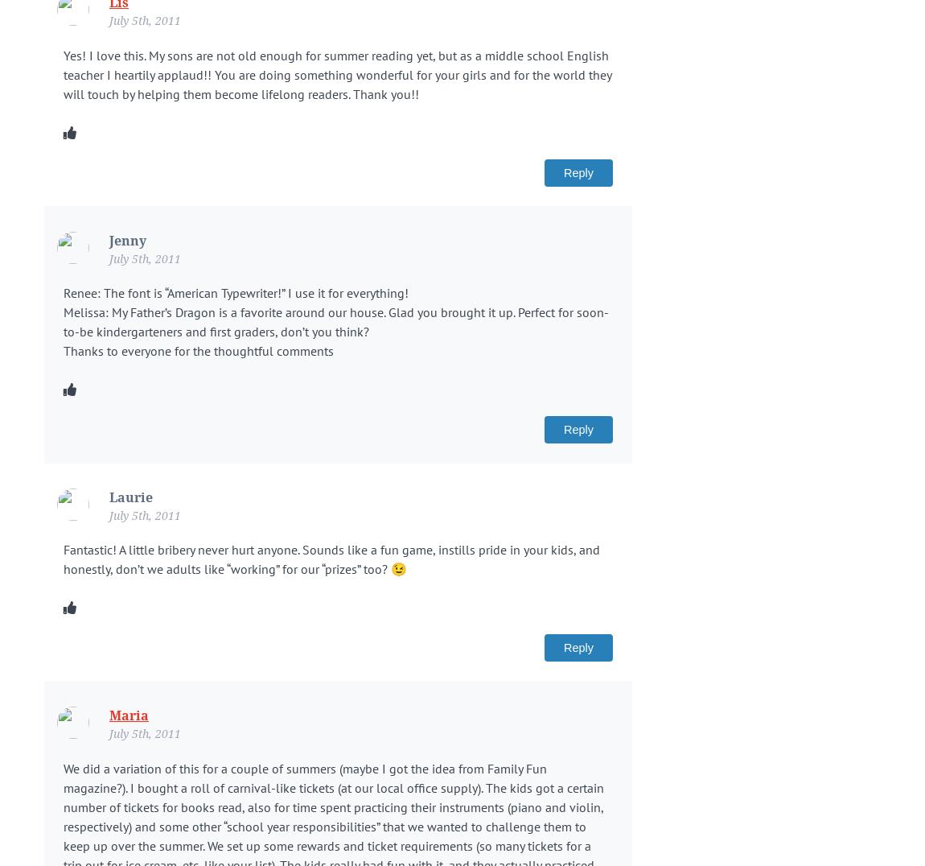 The image size is (925, 866). Describe the element at coordinates (127, 239) in the screenshot. I see `'Jenny'` at that location.